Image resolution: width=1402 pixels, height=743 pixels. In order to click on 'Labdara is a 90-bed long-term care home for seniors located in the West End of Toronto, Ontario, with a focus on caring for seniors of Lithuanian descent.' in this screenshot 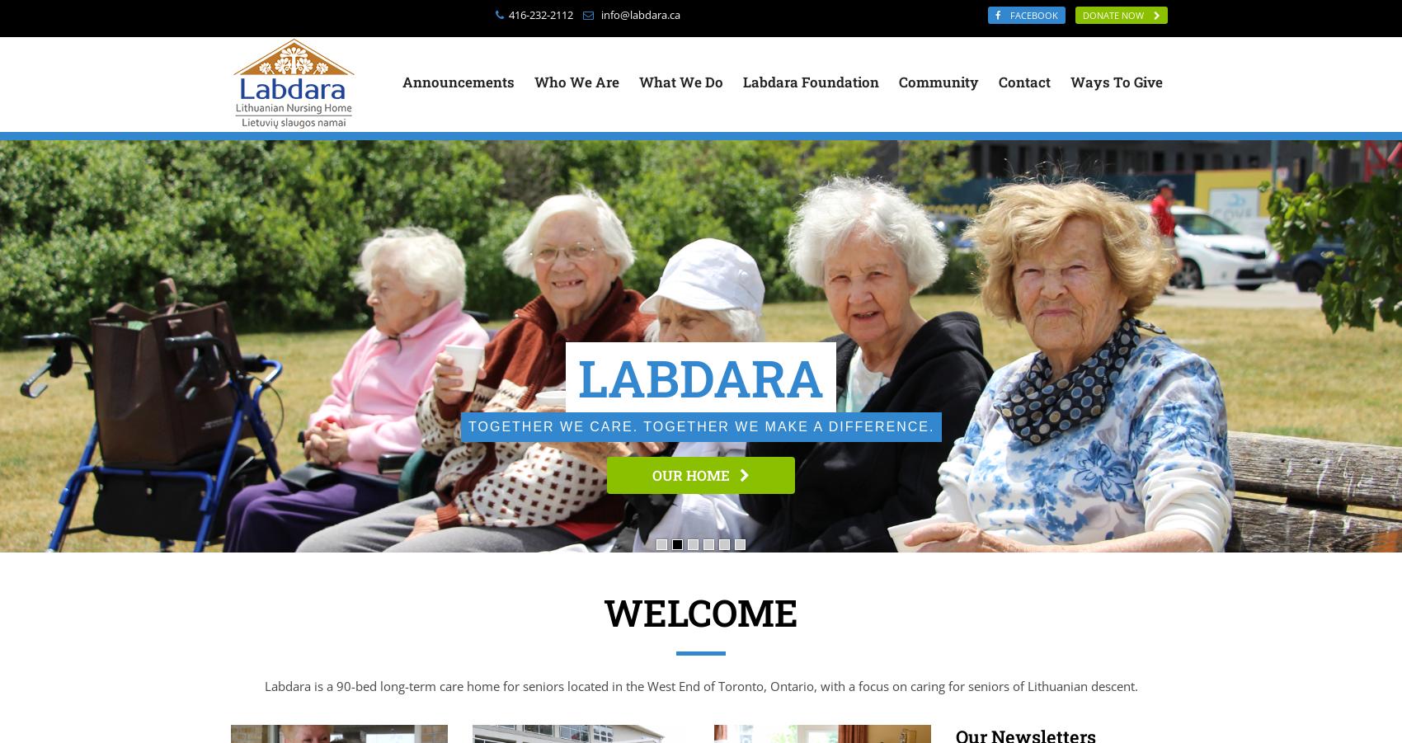, I will do `click(263, 685)`.